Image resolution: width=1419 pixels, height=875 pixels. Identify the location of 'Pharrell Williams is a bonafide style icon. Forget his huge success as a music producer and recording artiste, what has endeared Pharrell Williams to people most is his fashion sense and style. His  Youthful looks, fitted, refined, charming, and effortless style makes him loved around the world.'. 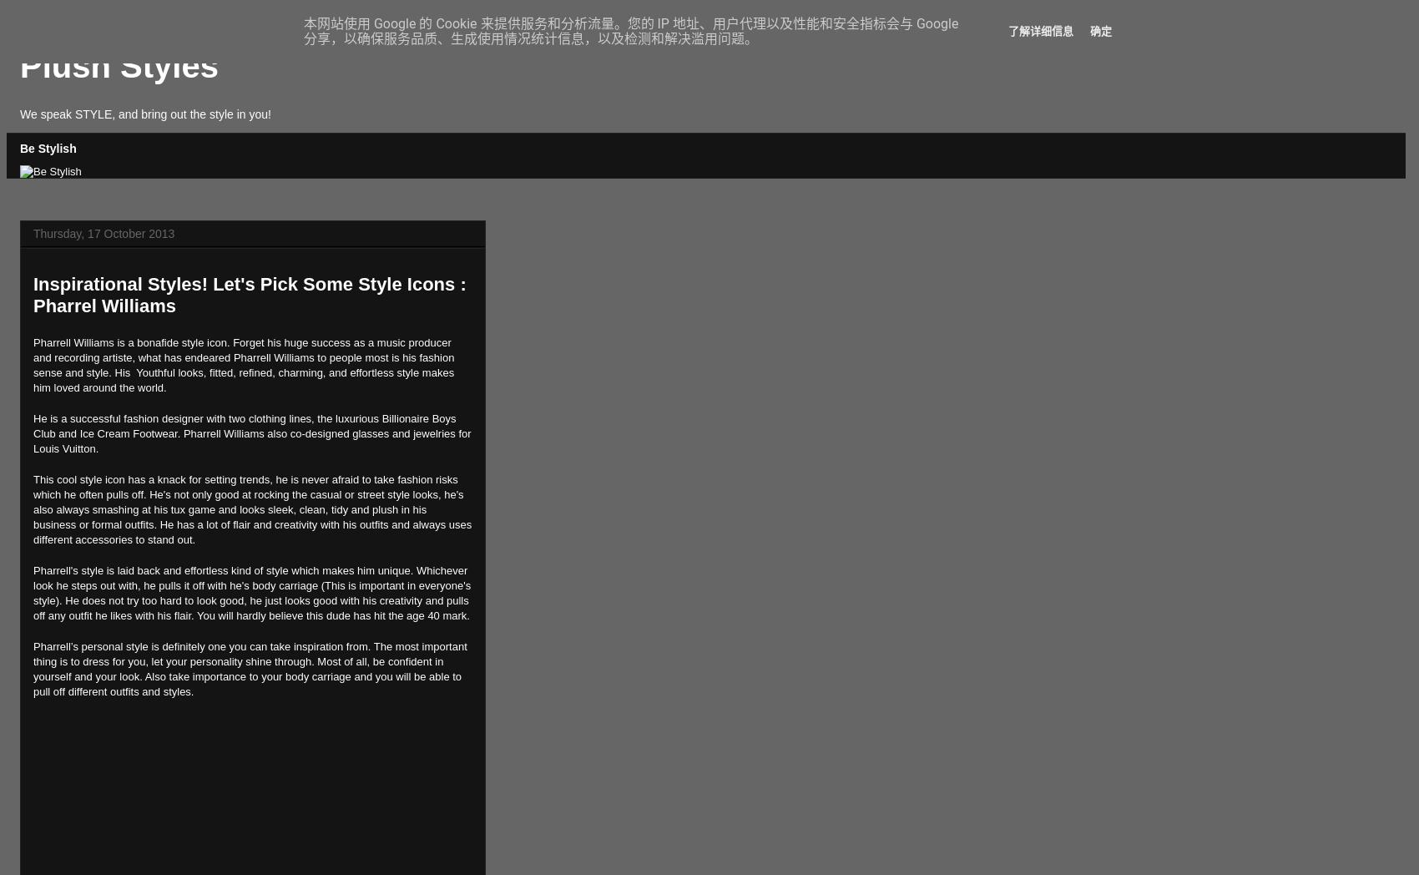
(244, 364).